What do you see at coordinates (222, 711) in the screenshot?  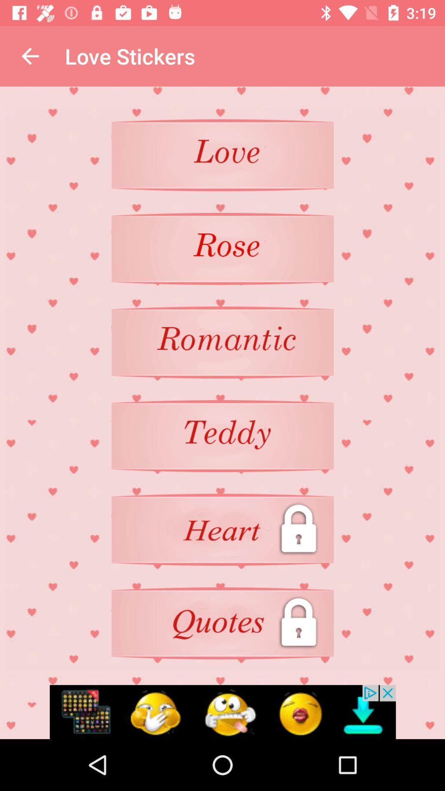 I see `enable notification` at bounding box center [222, 711].